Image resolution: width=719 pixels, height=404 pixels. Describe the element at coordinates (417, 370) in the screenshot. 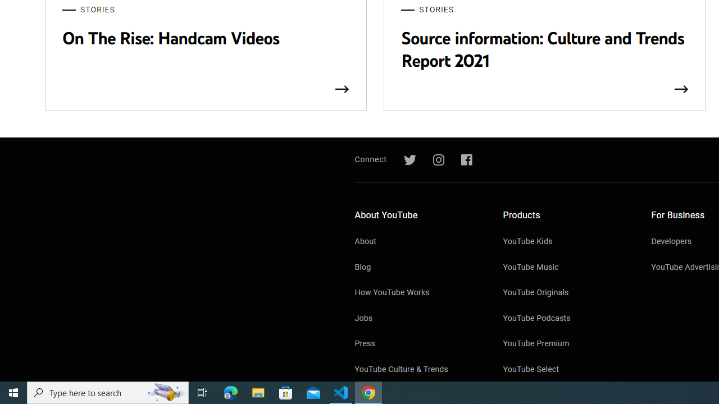

I see `'YouTube Culture & Trends'` at that location.